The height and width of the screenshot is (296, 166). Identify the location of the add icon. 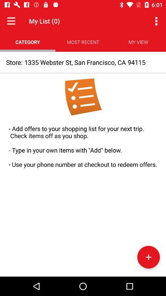
(148, 257).